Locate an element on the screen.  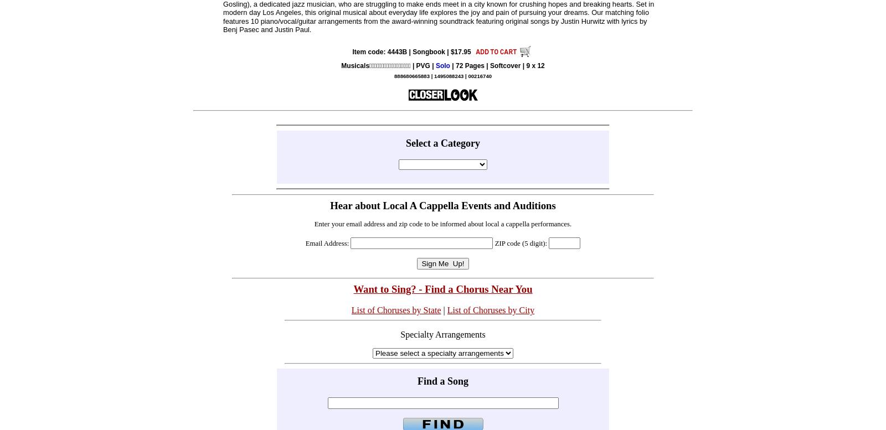
'Item code: 4443B | Songbook | $17.95' is located at coordinates (411, 51).